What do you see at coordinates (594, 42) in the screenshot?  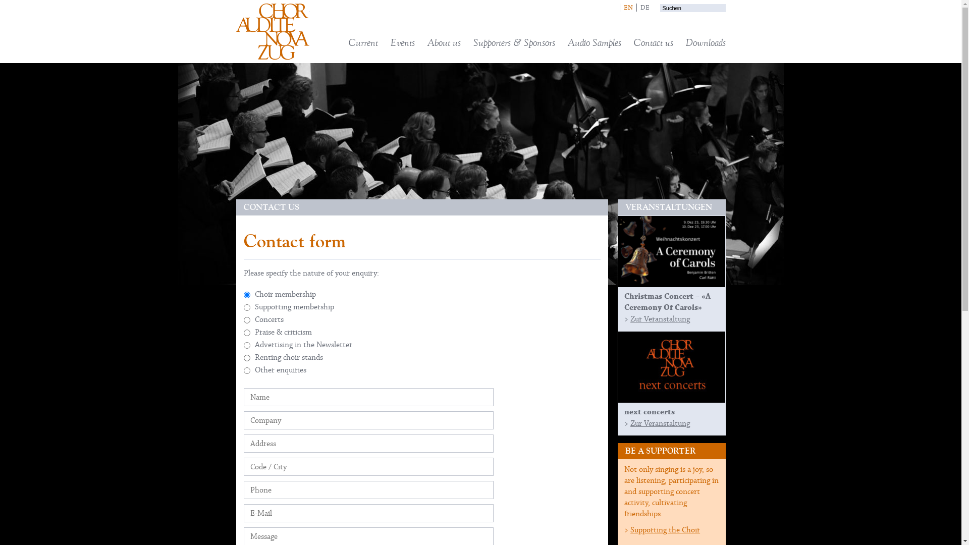 I see `'Audio Samples'` at bounding box center [594, 42].